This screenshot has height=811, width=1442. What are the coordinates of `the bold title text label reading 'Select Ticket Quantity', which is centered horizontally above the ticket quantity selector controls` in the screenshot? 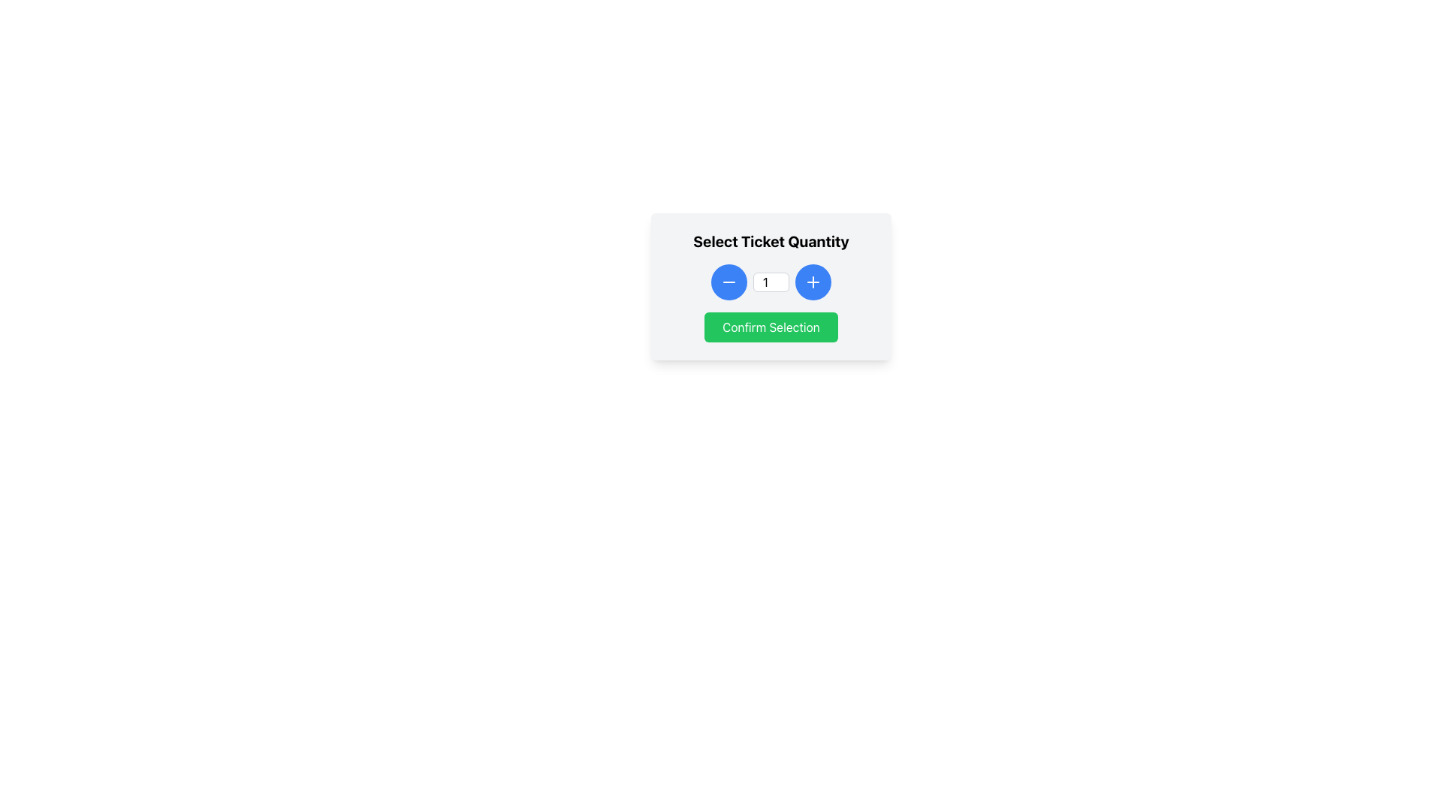 It's located at (771, 240).